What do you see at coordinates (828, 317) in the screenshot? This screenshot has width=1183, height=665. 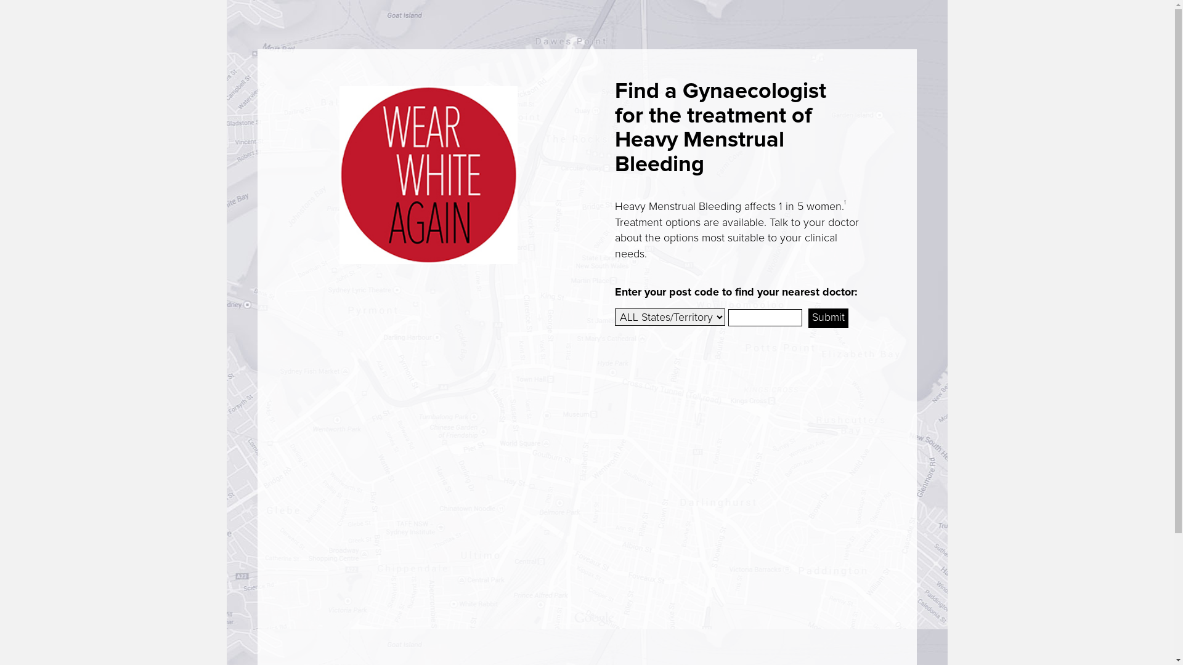 I see `'Submit'` at bounding box center [828, 317].